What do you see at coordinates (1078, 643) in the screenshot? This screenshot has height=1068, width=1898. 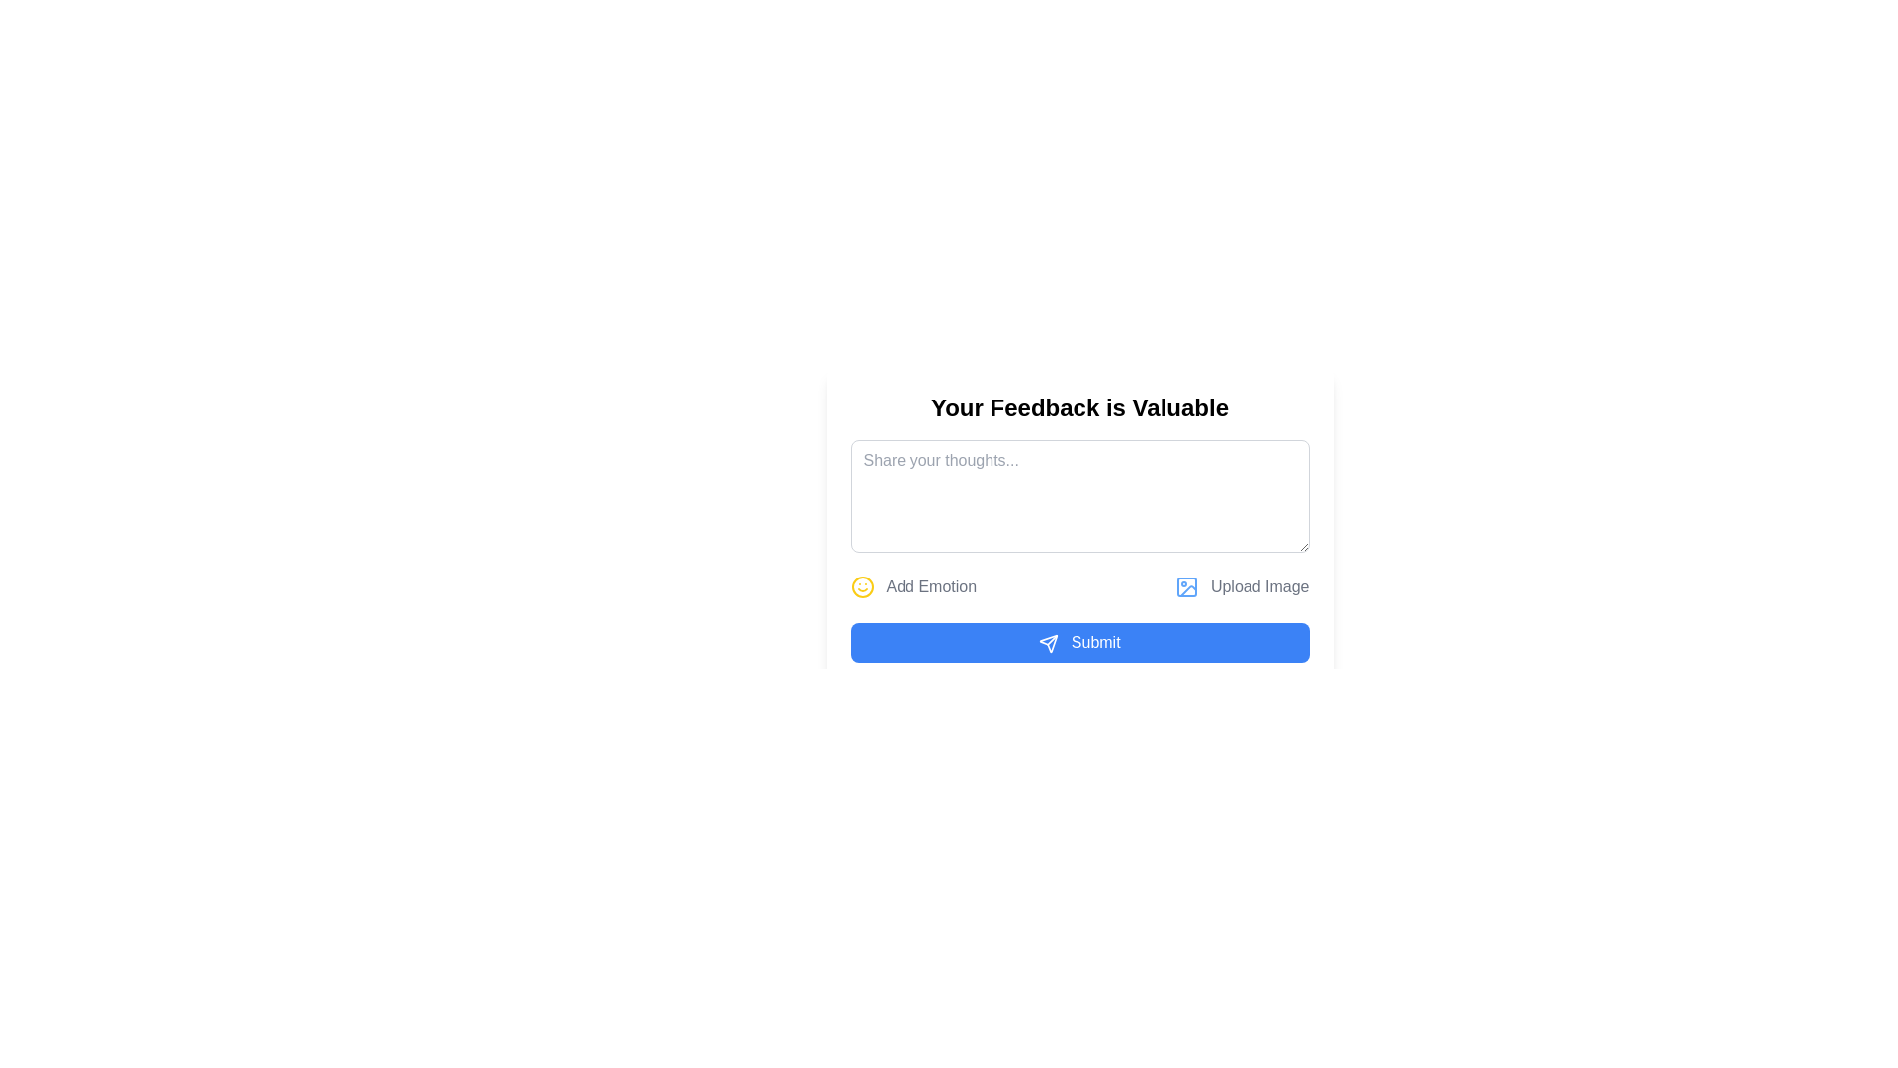 I see `the 'Submit' button with a blue background and rounded corners` at bounding box center [1078, 643].